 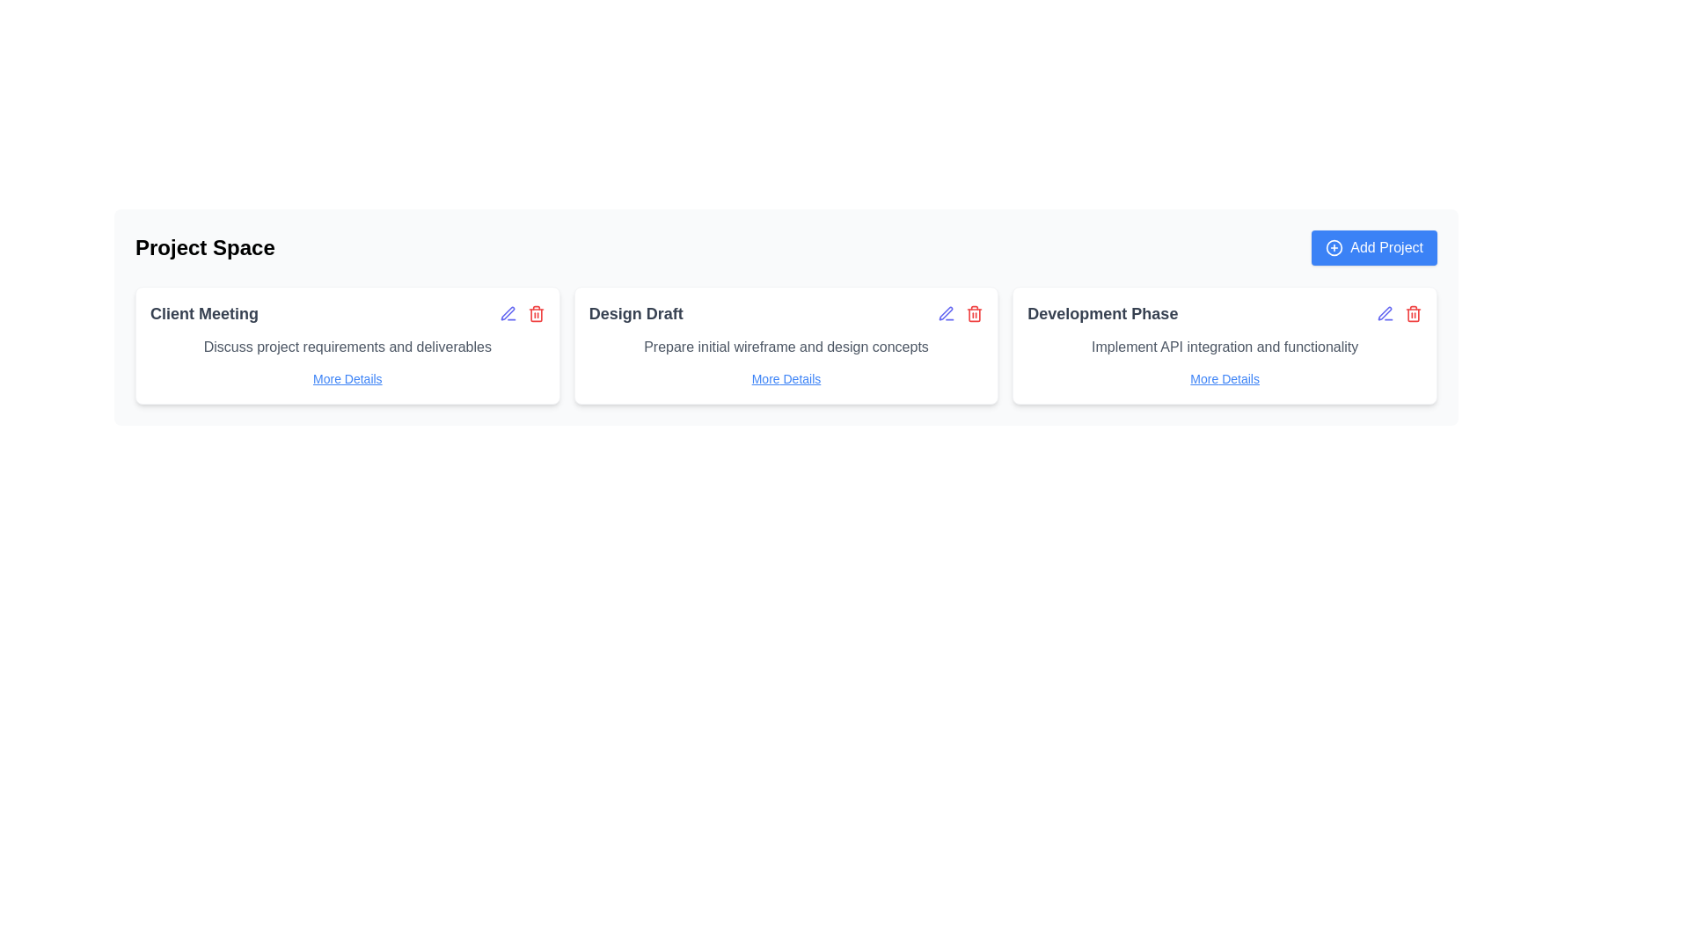 What do you see at coordinates (507, 313) in the screenshot?
I see `the icon button resembling a pen or pencil located at the top-right corner of the card layout to initiate editing of the associated card content` at bounding box center [507, 313].